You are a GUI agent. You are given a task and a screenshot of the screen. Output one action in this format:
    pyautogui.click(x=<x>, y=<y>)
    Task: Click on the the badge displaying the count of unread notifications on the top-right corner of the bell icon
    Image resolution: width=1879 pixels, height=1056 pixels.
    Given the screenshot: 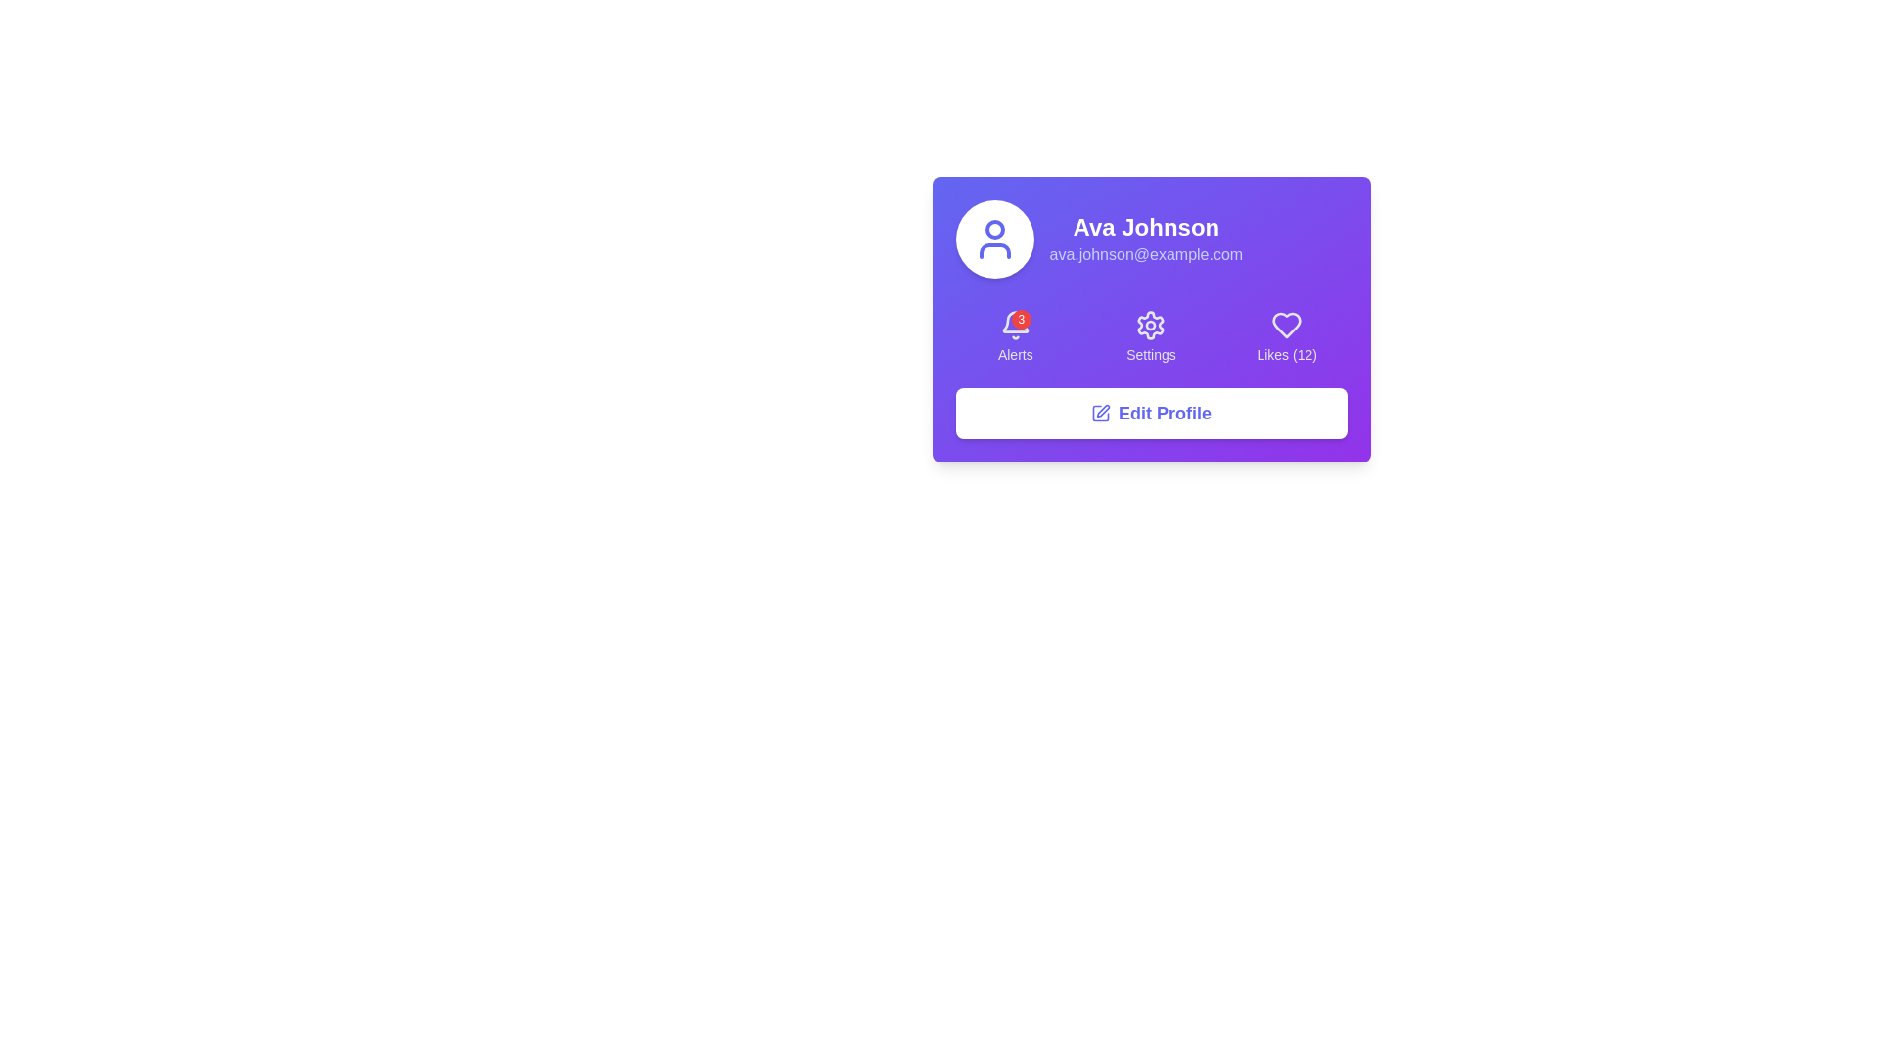 What is the action you would take?
    pyautogui.click(x=1020, y=319)
    